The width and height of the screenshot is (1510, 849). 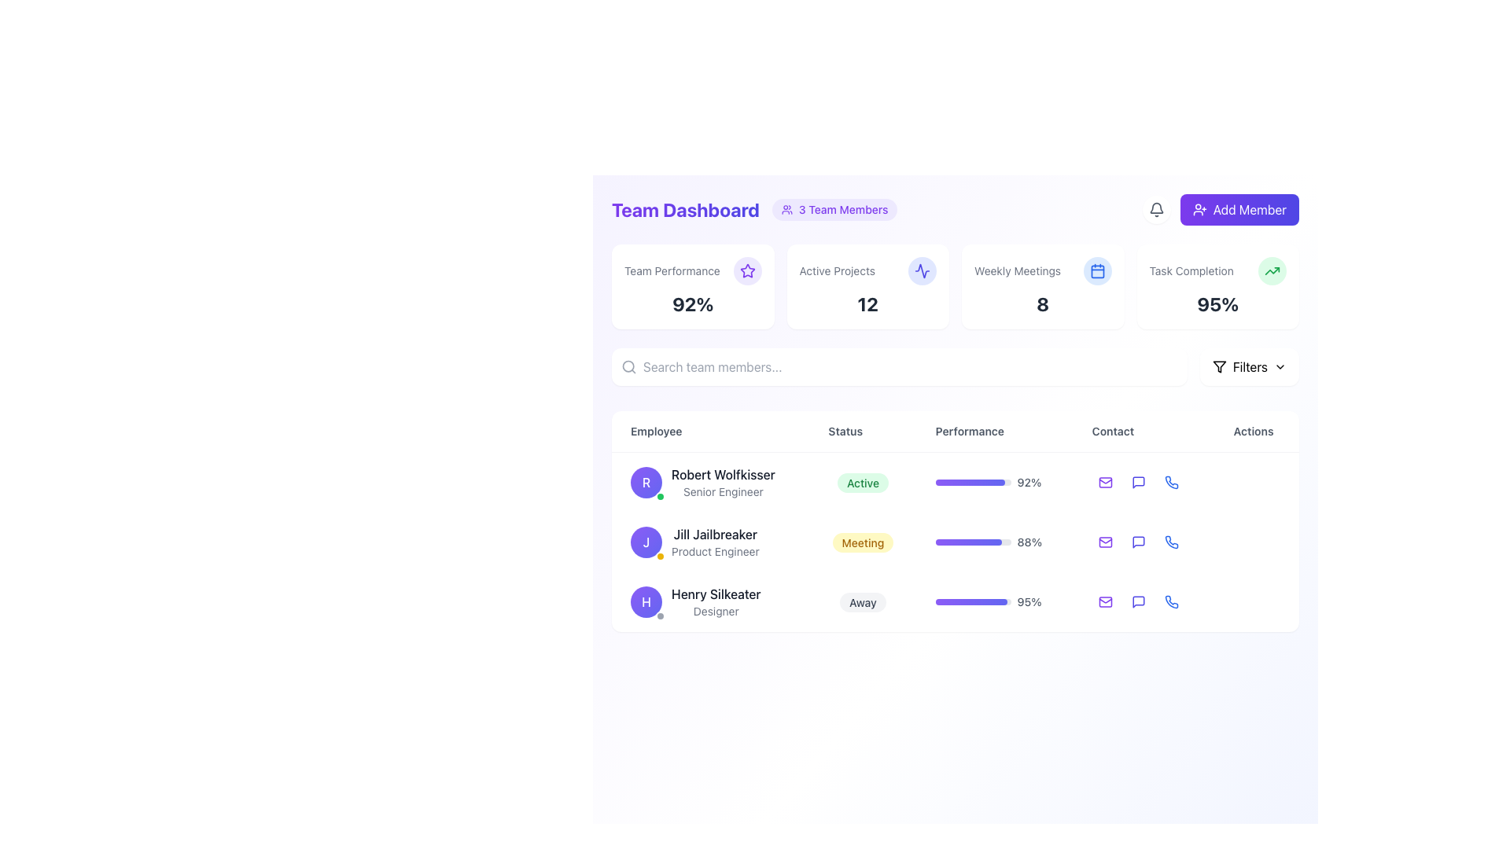 What do you see at coordinates (646, 601) in the screenshot?
I see `the circular avatar icon with a gradient background transitioning from violet to indigo, featuring a white 'H' in the center, representing 'Henry Silkeater'` at bounding box center [646, 601].